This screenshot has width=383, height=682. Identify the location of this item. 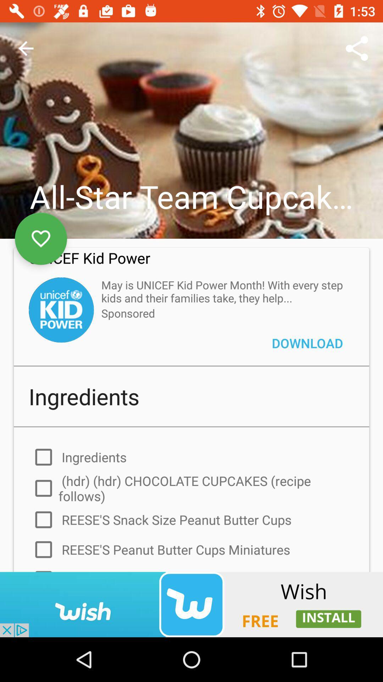
(41, 239).